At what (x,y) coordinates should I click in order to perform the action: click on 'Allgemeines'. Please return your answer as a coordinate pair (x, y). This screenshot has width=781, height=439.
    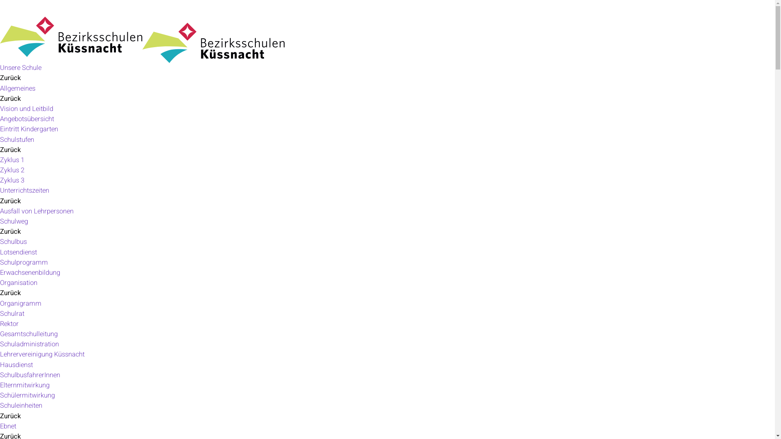
    Looking at the image, I should click on (17, 89).